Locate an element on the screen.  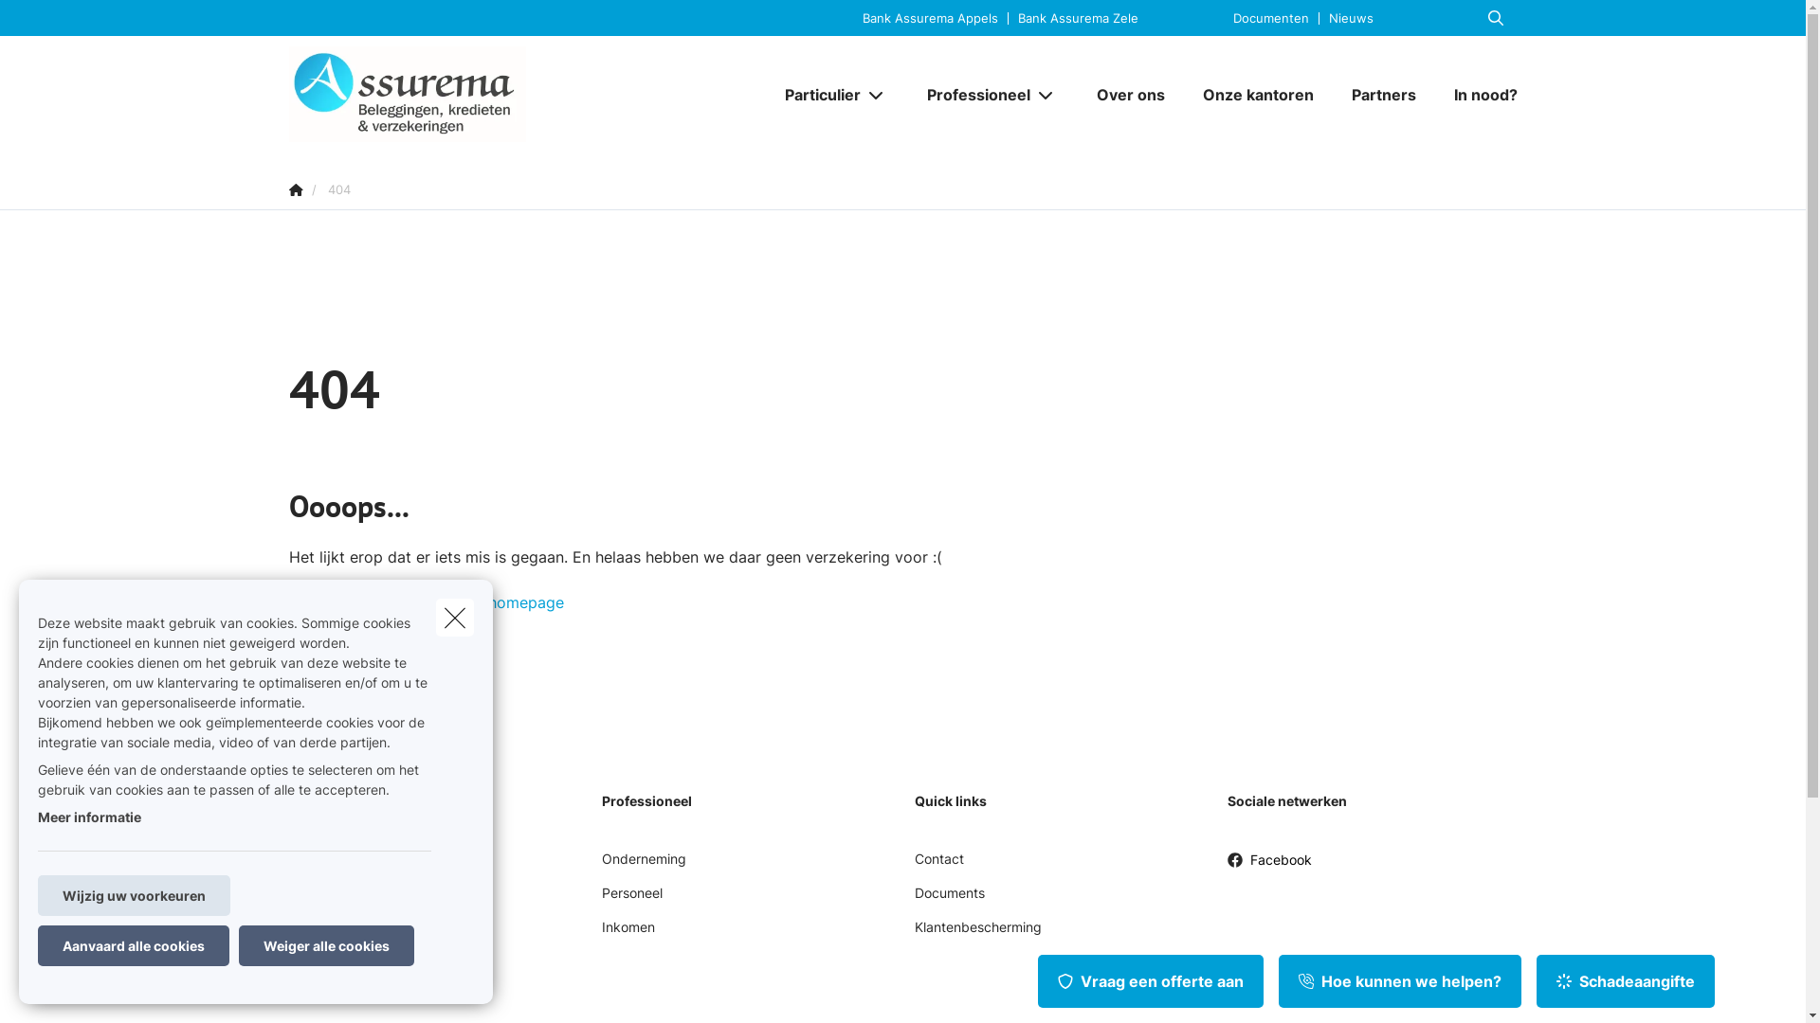
'Documents' is located at coordinates (949, 898).